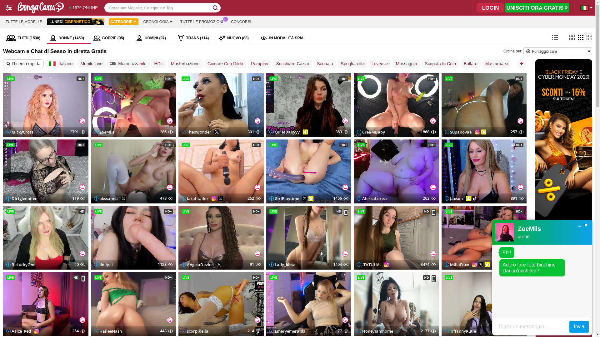  I want to click on 'COPPIE (95)', so click(112, 38).